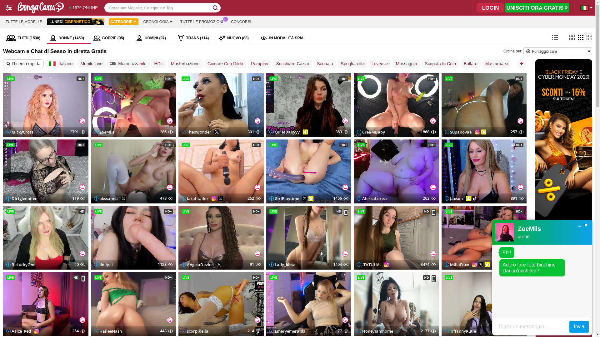  I want to click on 'COPPIE (95)', so click(112, 38).